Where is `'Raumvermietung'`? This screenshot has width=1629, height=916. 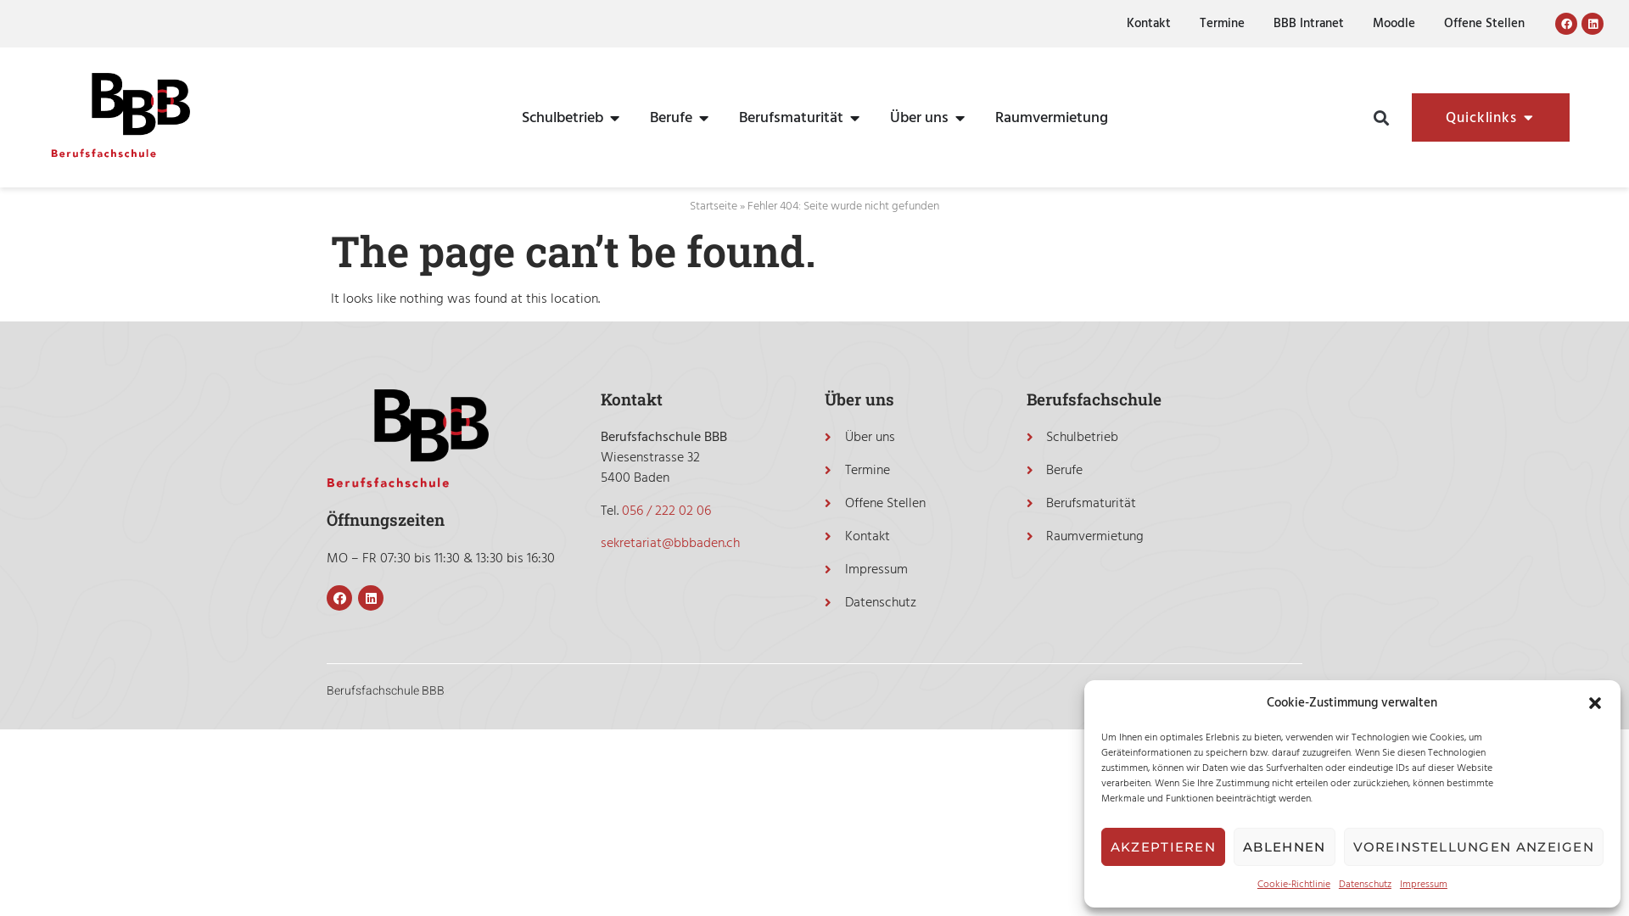
'Raumvermietung' is located at coordinates (1050, 116).